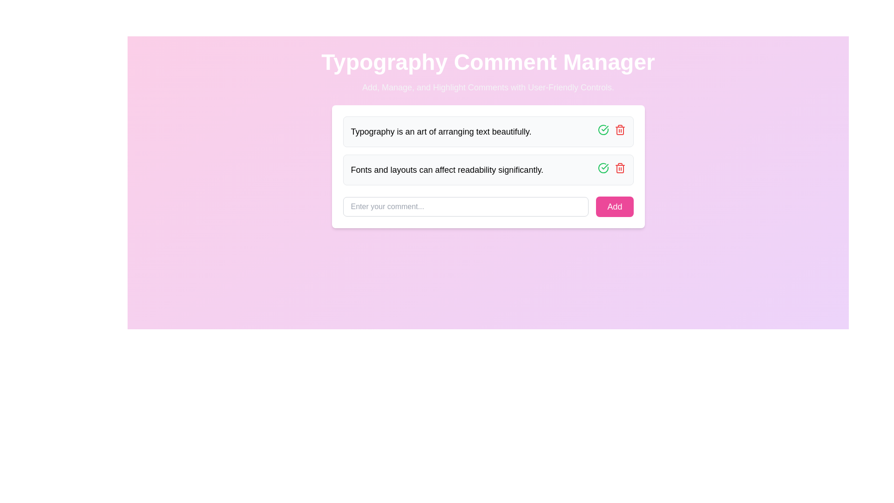 This screenshot has width=894, height=503. What do you see at coordinates (611, 170) in the screenshot?
I see `the action buttons group, which contains a green checkmark and a red trash can icon, located to the right of the text 'Fonts and layouts can affect readability significantly.'` at bounding box center [611, 170].